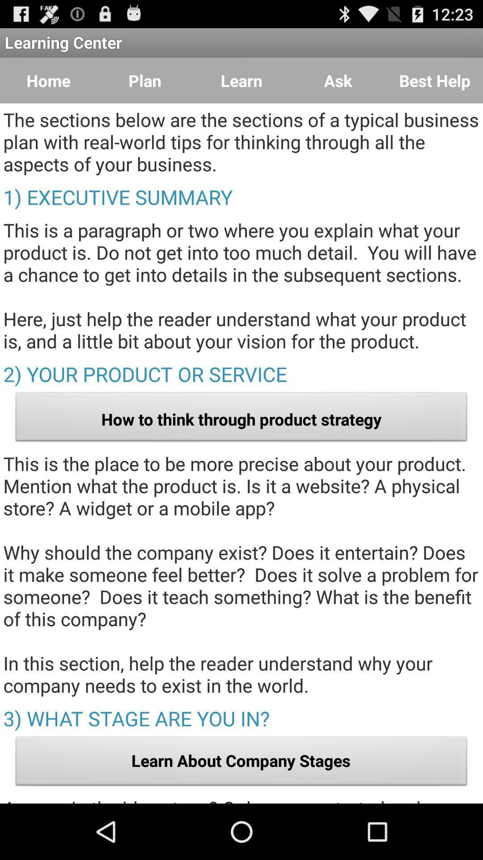 Image resolution: width=483 pixels, height=860 pixels. I want to click on the app below the learning center item, so click(48, 81).